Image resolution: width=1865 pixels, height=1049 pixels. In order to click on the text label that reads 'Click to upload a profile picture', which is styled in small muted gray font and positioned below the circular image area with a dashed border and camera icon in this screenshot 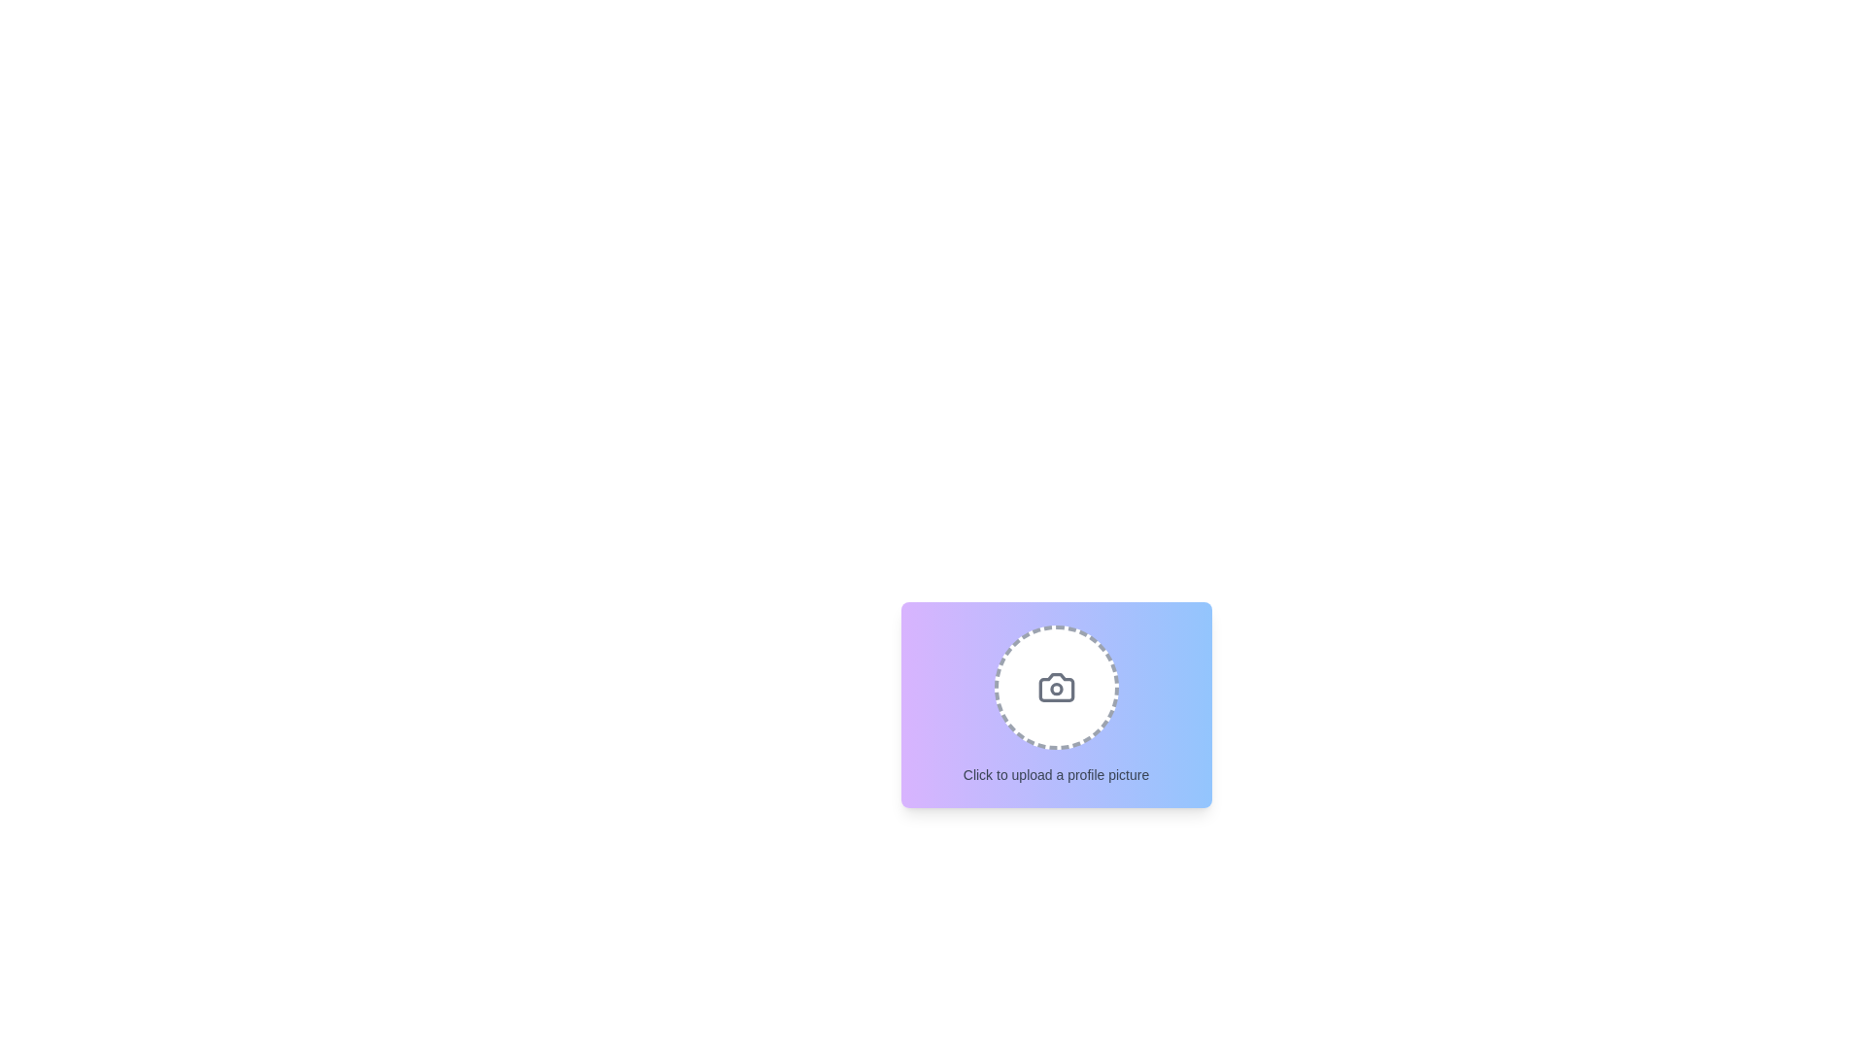, I will do `click(1055, 774)`.